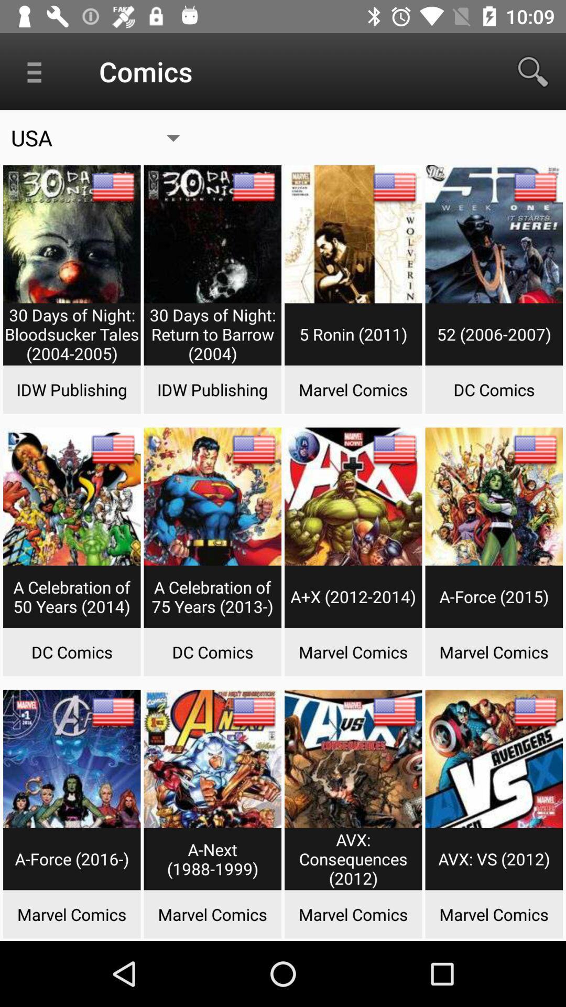 The width and height of the screenshot is (566, 1007). Describe the element at coordinates (254, 187) in the screenshot. I see `the country of second book in the first row` at that location.